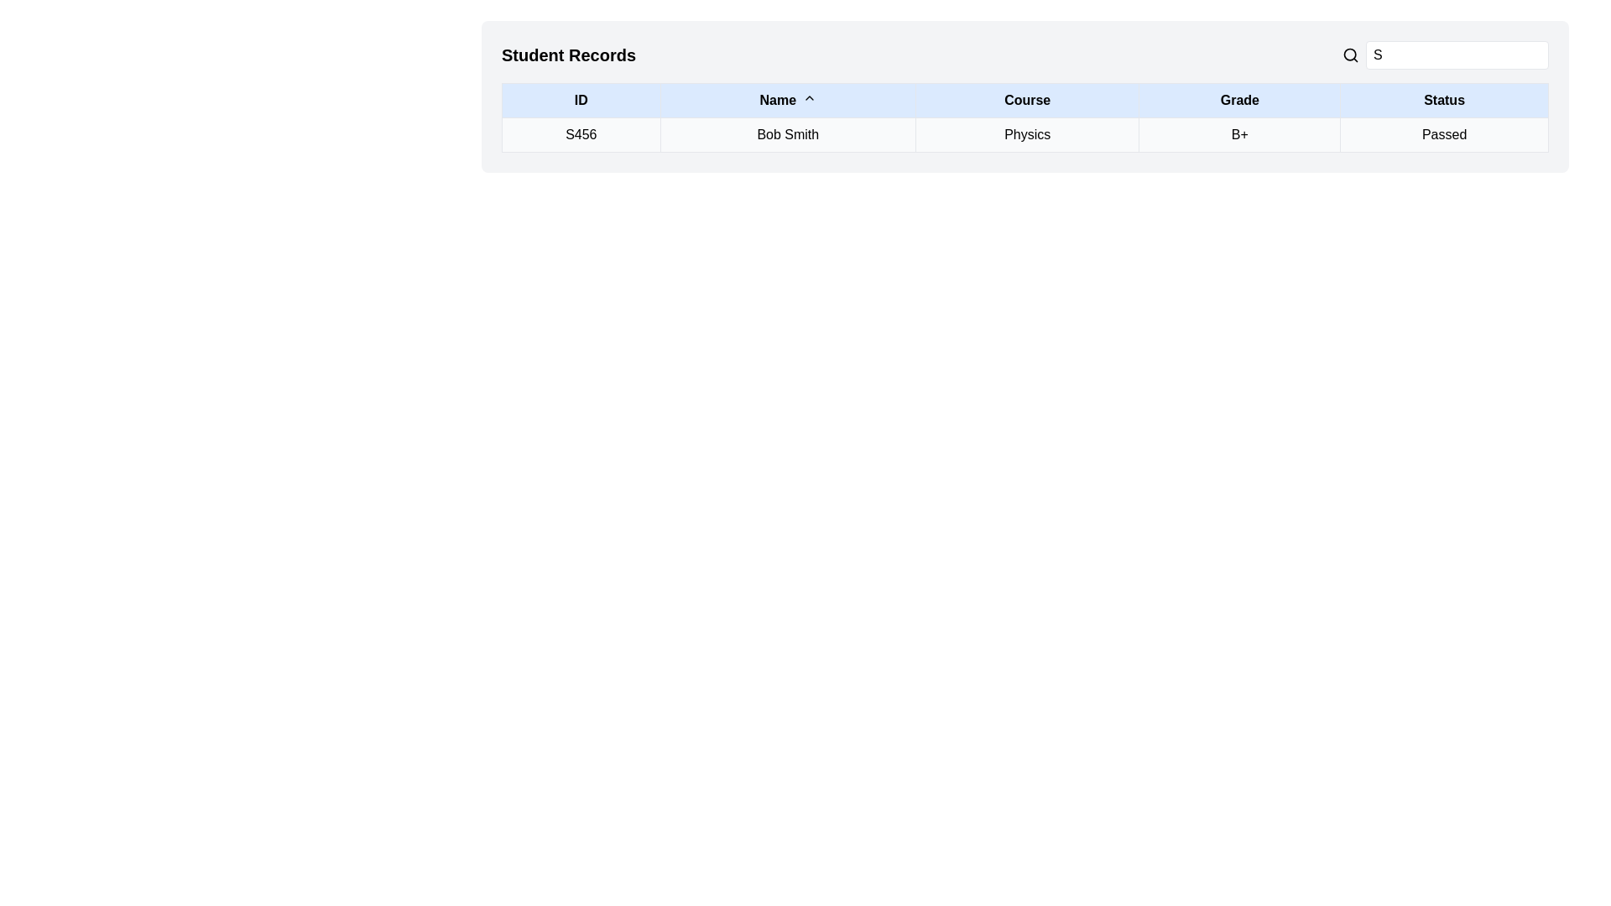 This screenshot has width=1611, height=906. What do you see at coordinates (809, 97) in the screenshot?
I see `the upward-facing arrow icon button located` at bounding box center [809, 97].